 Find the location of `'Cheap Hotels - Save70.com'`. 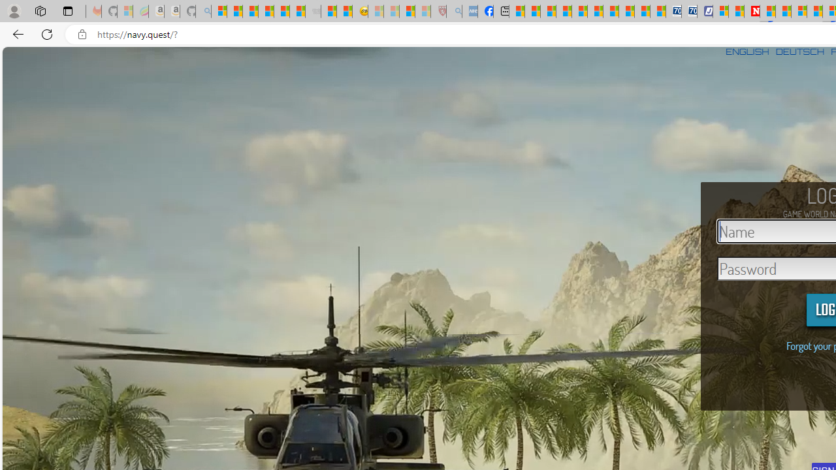

'Cheap Hotels - Save70.com' is located at coordinates (689, 11).